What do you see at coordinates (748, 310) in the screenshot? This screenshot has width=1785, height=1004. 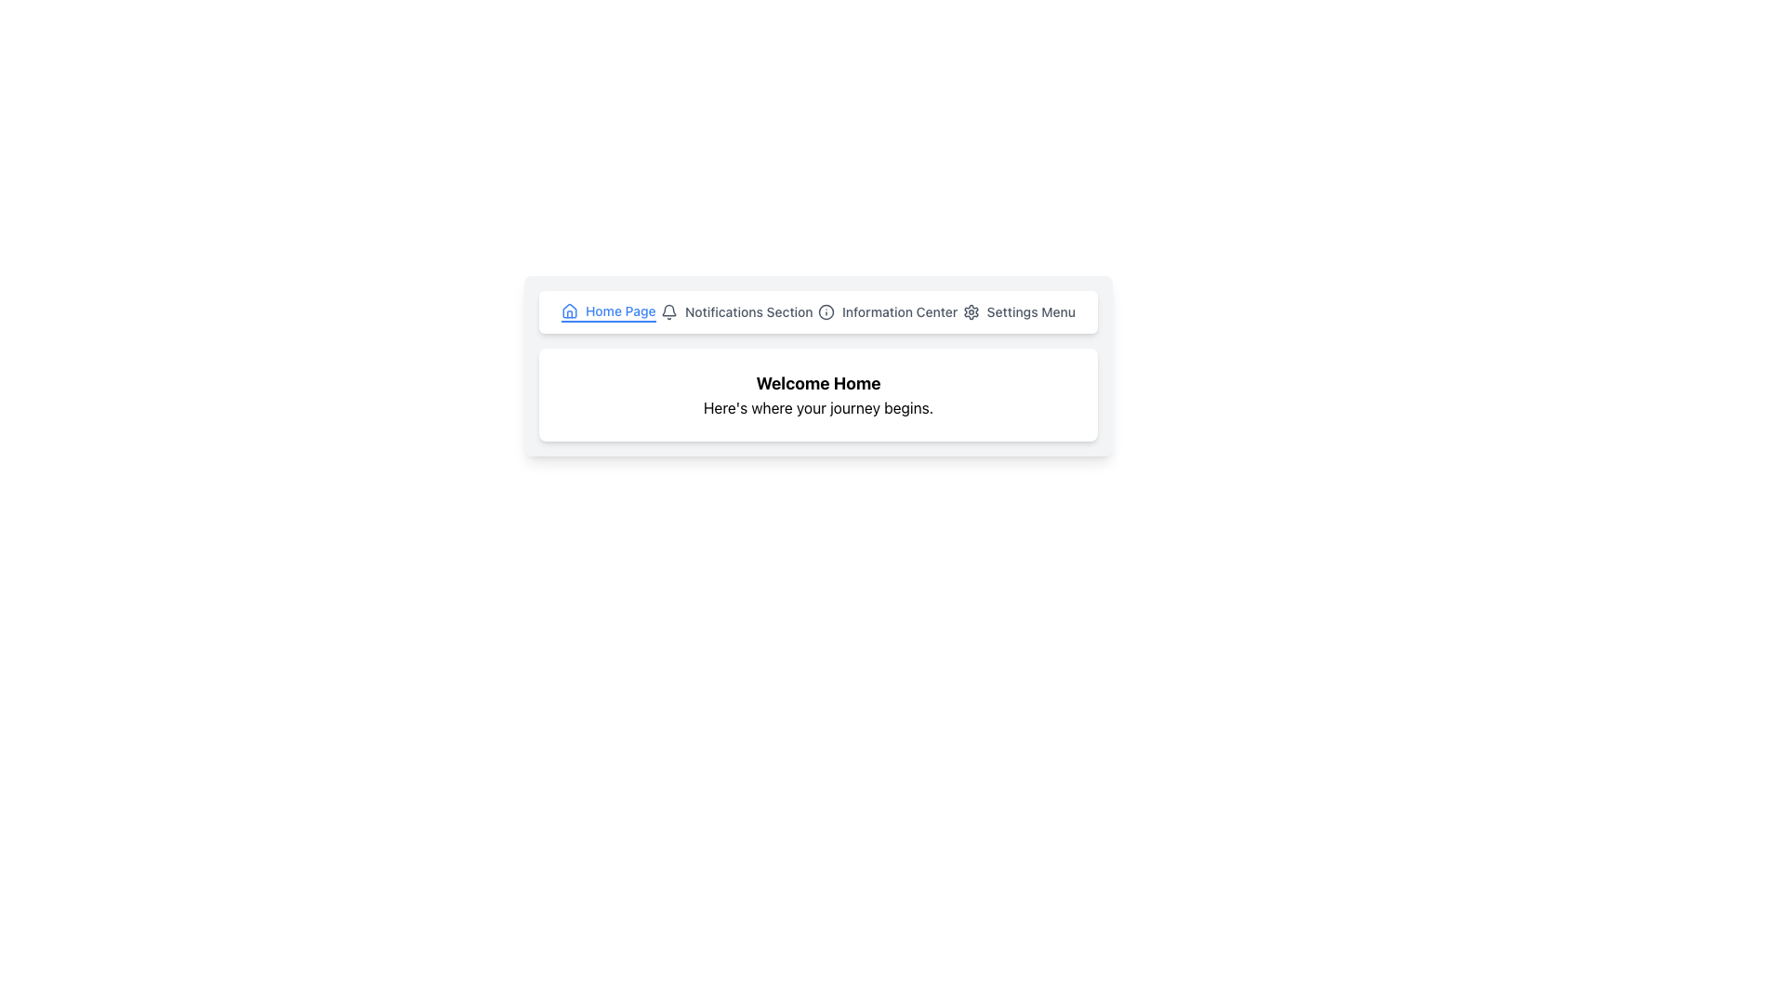 I see `the 'Notifications Section' text label, which is styled with medium-sized, gray-colored text and is part of the horizontal navigation bar near the top of the interface` at bounding box center [748, 310].